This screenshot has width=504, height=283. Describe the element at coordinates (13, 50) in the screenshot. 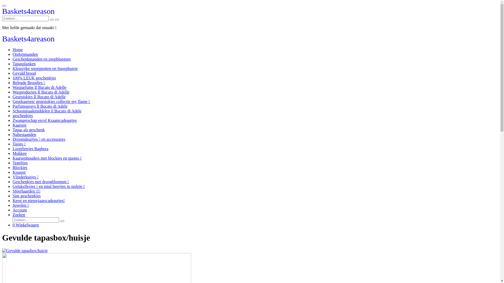

I see `'Home'` at that location.